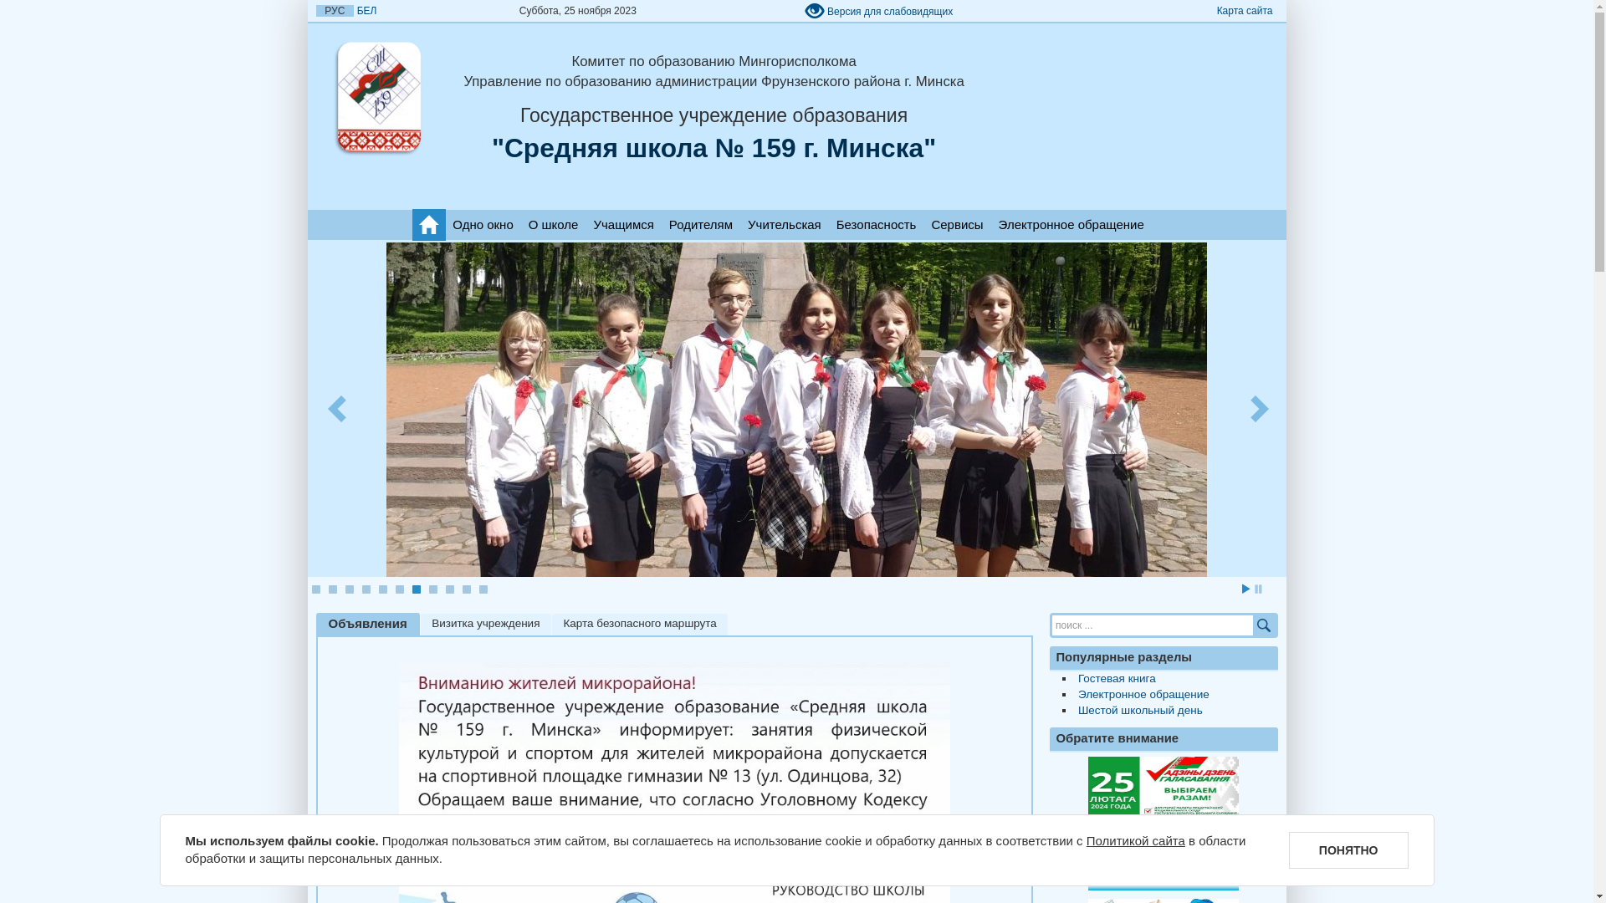  I want to click on '10', so click(465, 589).